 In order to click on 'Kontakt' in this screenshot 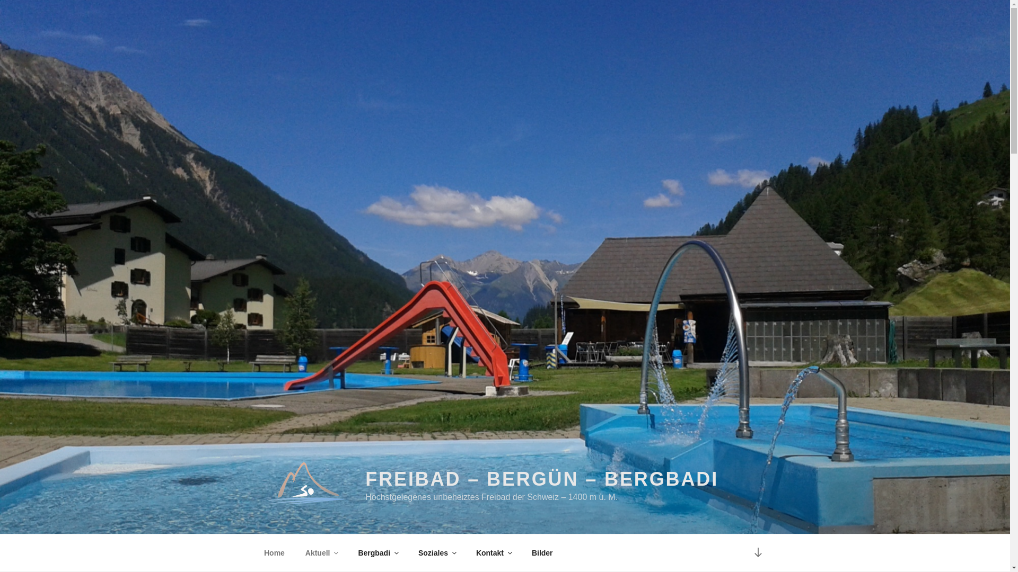, I will do `click(493, 552)`.